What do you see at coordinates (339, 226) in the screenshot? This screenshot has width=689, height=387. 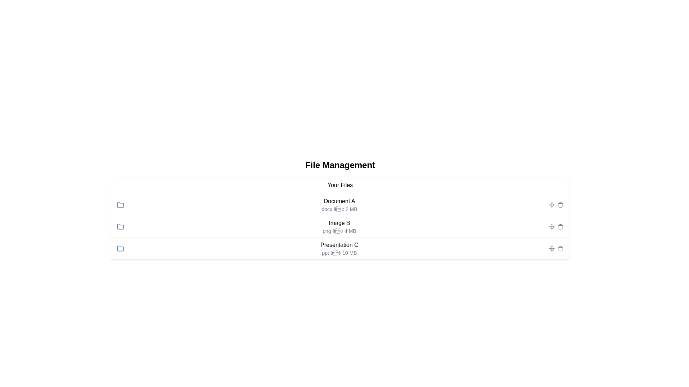 I see `the textual representation of the file entry for 'Image B' in the file management system, which is the second row in the list` at bounding box center [339, 226].